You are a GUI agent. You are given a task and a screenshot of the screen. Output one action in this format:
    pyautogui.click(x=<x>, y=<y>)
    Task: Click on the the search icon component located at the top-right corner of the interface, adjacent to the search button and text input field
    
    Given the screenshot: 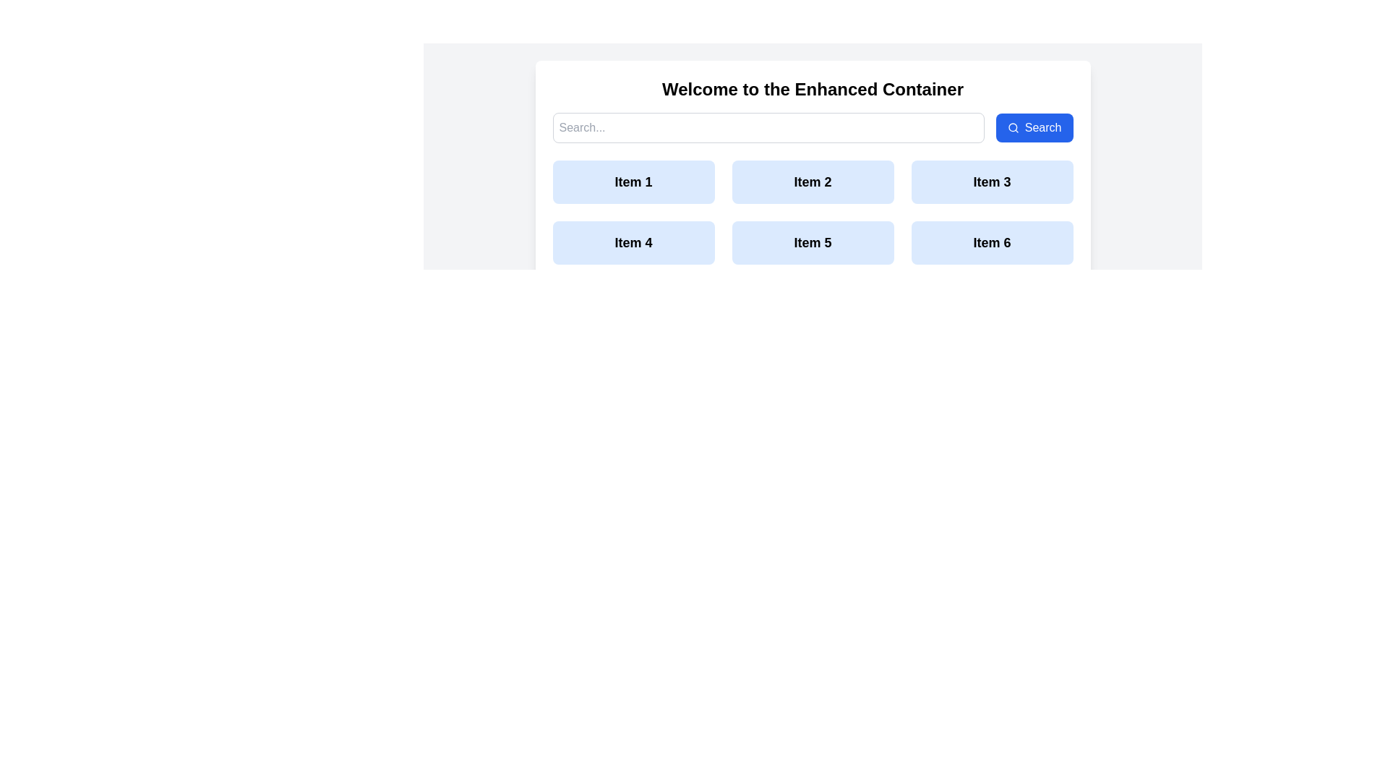 What is the action you would take?
    pyautogui.click(x=1012, y=127)
    